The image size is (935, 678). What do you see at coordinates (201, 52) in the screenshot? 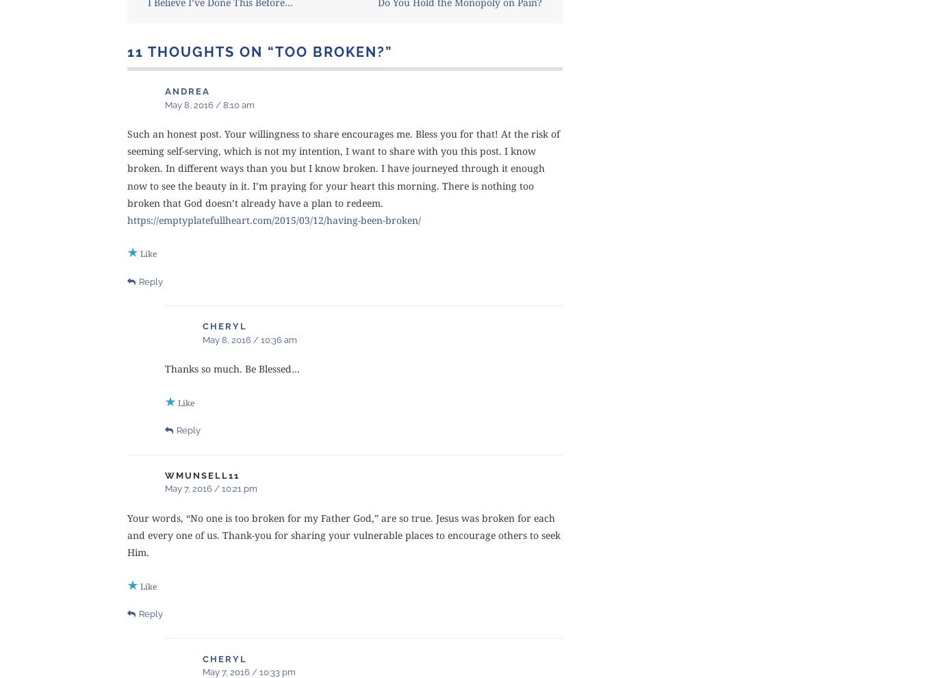
I see `'11 thoughts on “'` at bounding box center [201, 52].